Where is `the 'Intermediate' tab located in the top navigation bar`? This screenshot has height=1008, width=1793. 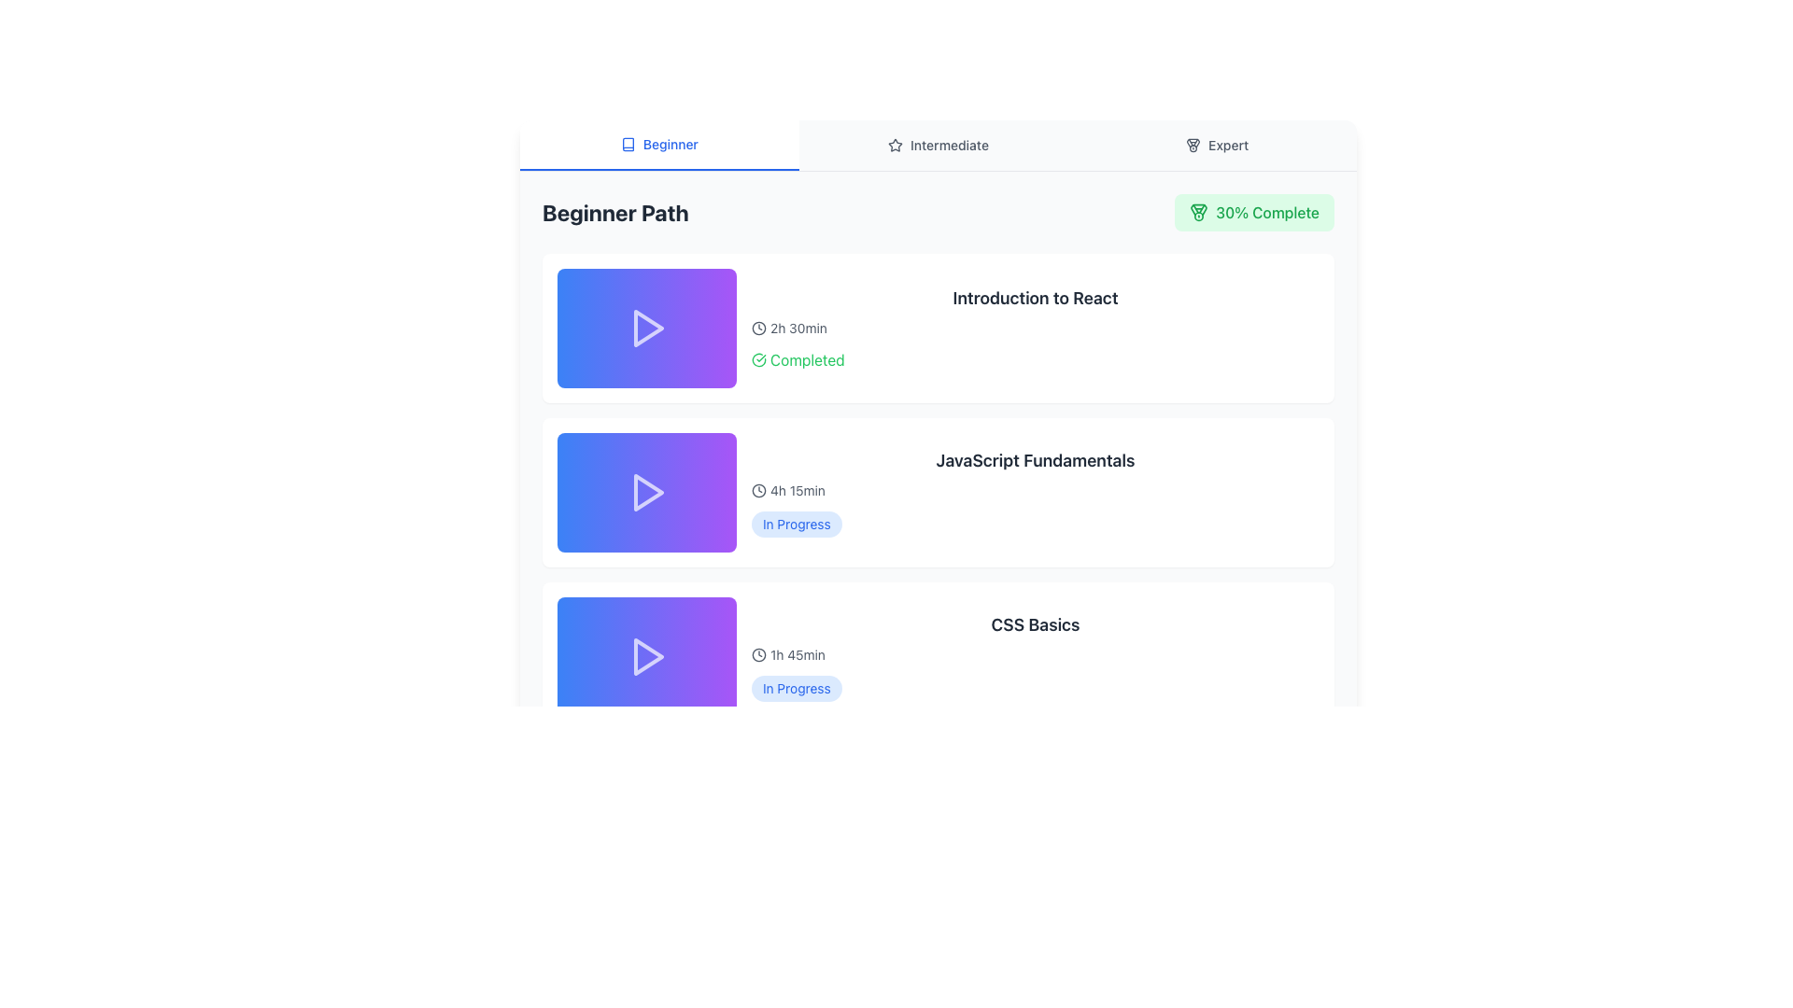
the 'Intermediate' tab located in the top navigation bar is located at coordinates (938, 144).